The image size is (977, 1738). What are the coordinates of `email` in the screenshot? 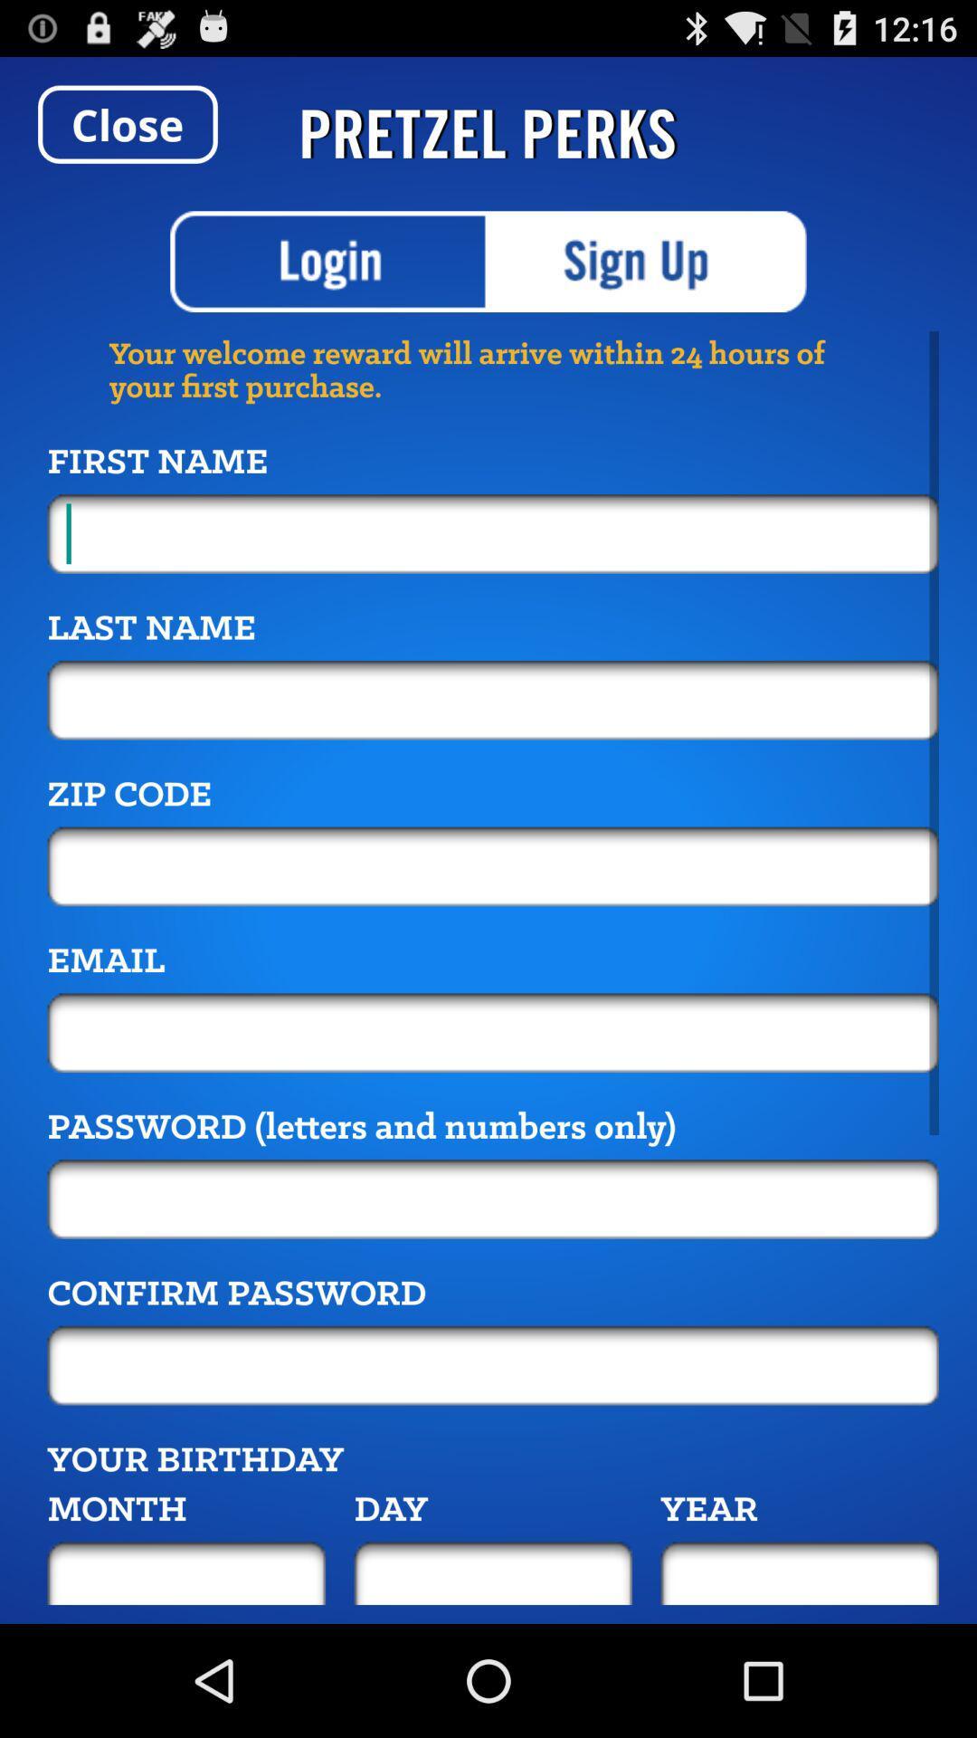 It's located at (493, 1033).